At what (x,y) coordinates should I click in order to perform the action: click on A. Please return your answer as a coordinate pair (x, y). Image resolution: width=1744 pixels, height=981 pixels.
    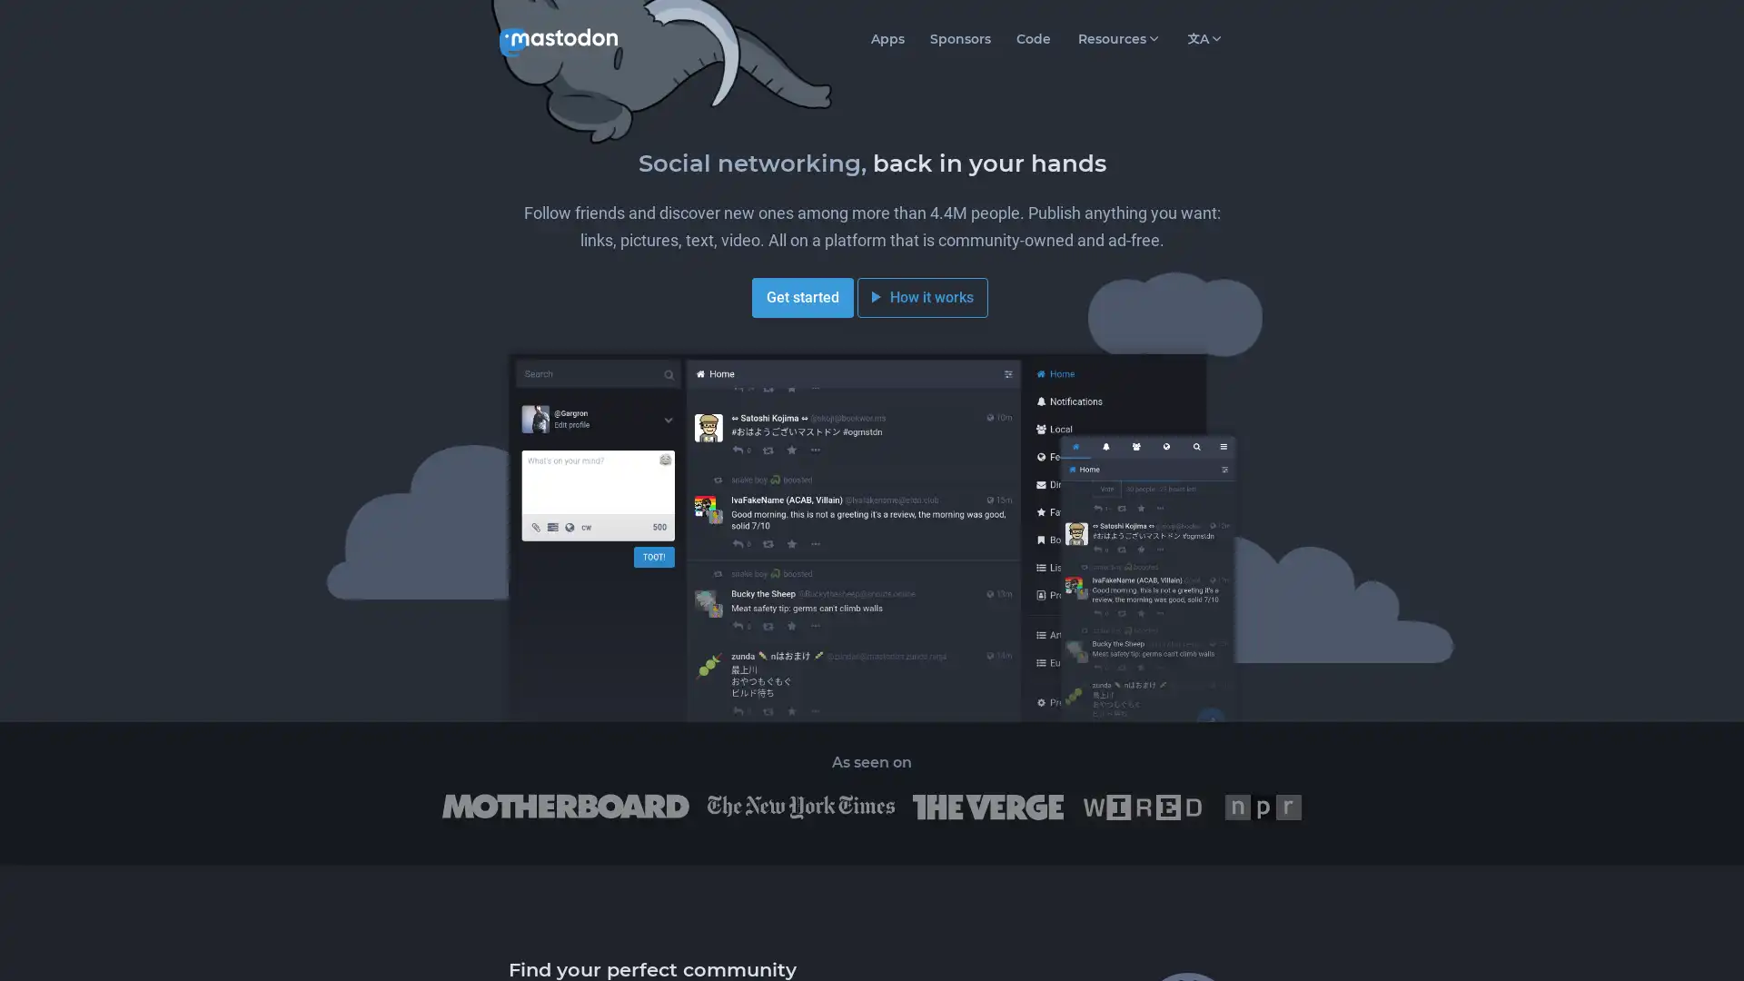
    Looking at the image, I should click on (1204, 38).